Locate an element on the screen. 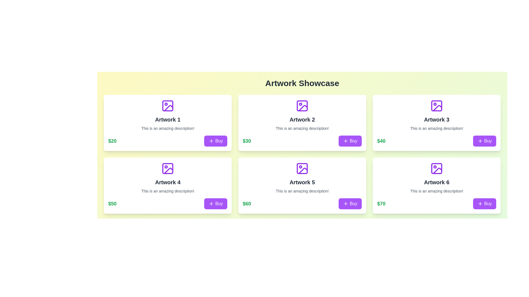  the Decorative graphical icon at the top center of the 'Artwork 3' card, which is a purple icon within a white card layout is located at coordinates (436, 106).